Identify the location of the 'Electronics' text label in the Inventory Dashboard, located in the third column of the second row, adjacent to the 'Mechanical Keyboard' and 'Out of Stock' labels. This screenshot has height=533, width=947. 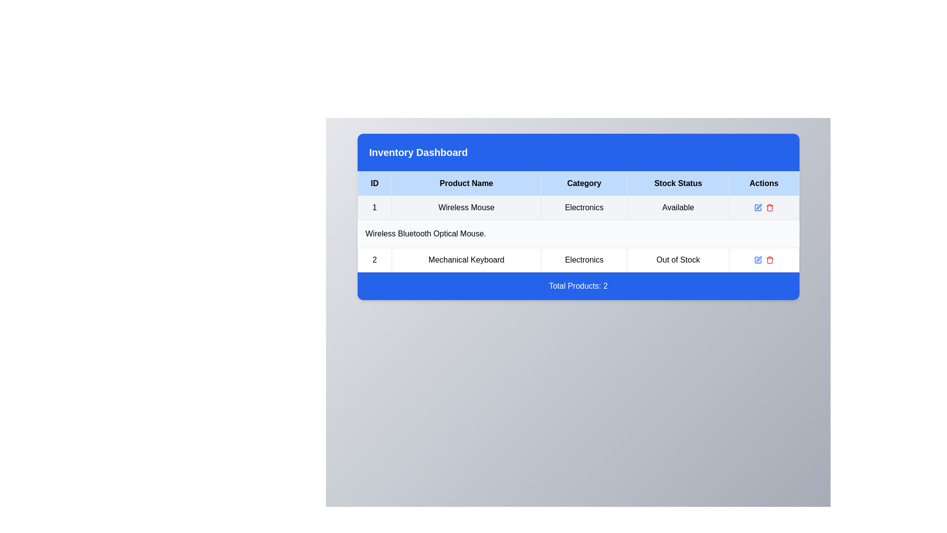
(584, 260).